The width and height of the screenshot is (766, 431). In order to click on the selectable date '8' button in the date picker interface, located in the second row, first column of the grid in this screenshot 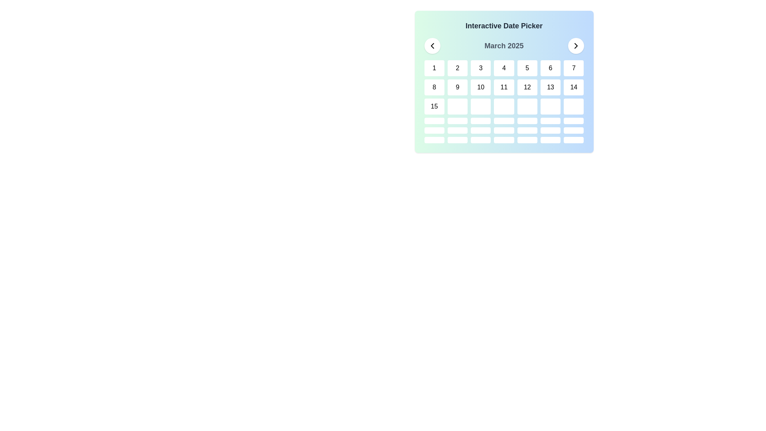, I will do `click(434, 87)`.